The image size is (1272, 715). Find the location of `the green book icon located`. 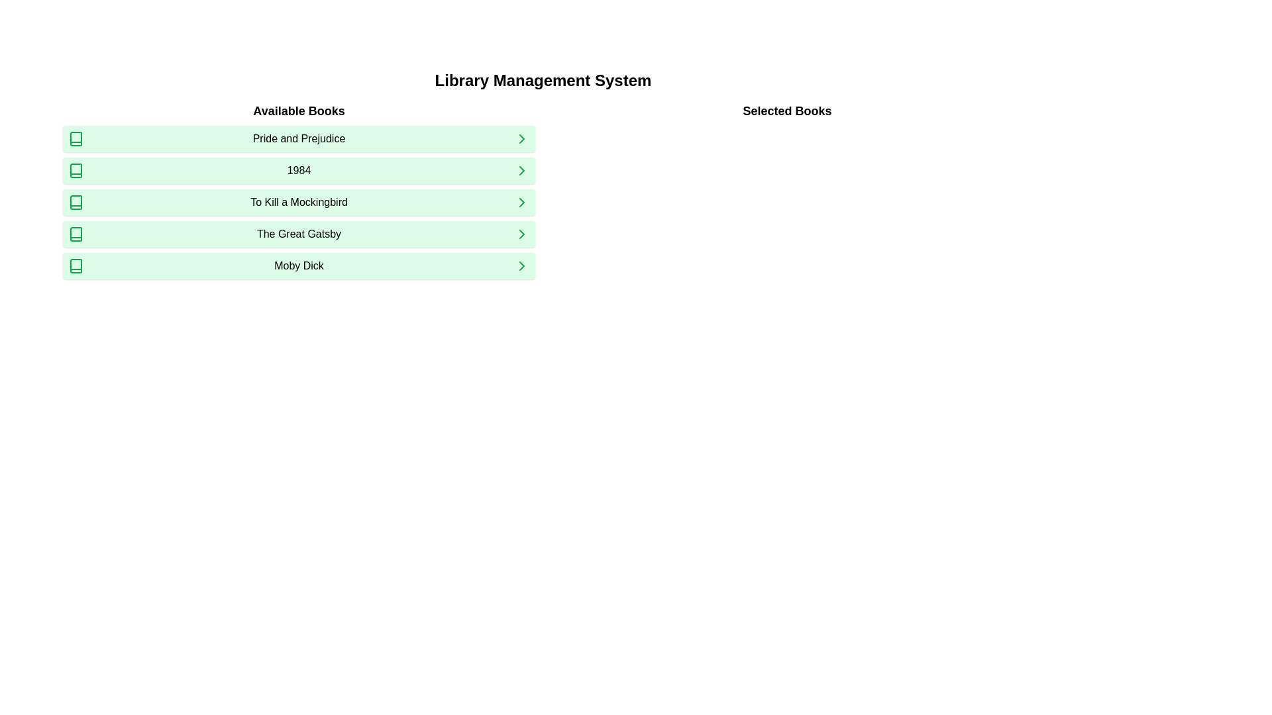

the green book icon located is located at coordinates (76, 234).